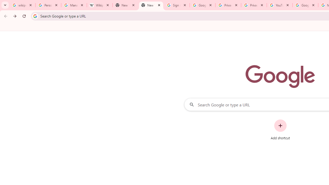 Image resolution: width=329 pixels, height=185 pixels. Describe the element at coordinates (279, 5) in the screenshot. I see `'YouTube'` at that location.